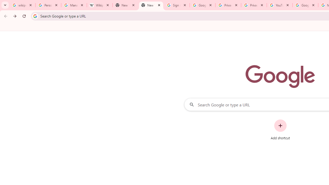 Image resolution: width=329 pixels, height=185 pixels. Describe the element at coordinates (279, 5) in the screenshot. I see `'YouTube'` at that location.